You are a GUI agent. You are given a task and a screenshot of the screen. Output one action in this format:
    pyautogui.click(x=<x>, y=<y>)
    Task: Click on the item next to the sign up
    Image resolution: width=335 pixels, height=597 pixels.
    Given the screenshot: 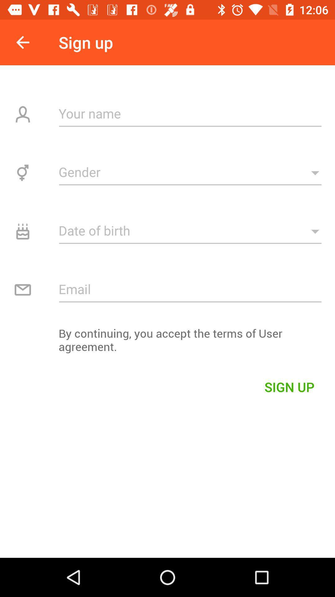 What is the action you would take?
    pyautogui.click(x=22, y=42)
    